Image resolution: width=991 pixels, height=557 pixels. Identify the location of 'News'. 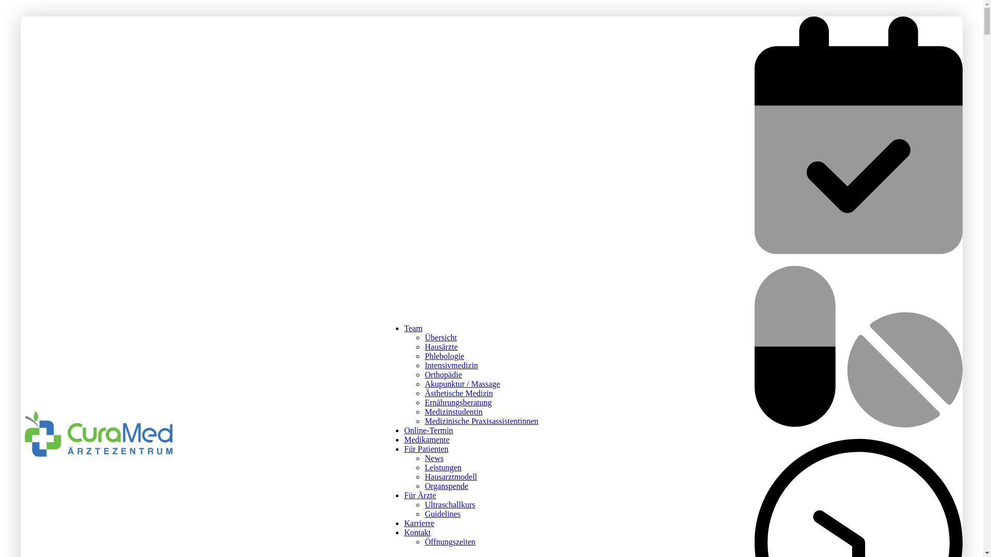
(434, 457).